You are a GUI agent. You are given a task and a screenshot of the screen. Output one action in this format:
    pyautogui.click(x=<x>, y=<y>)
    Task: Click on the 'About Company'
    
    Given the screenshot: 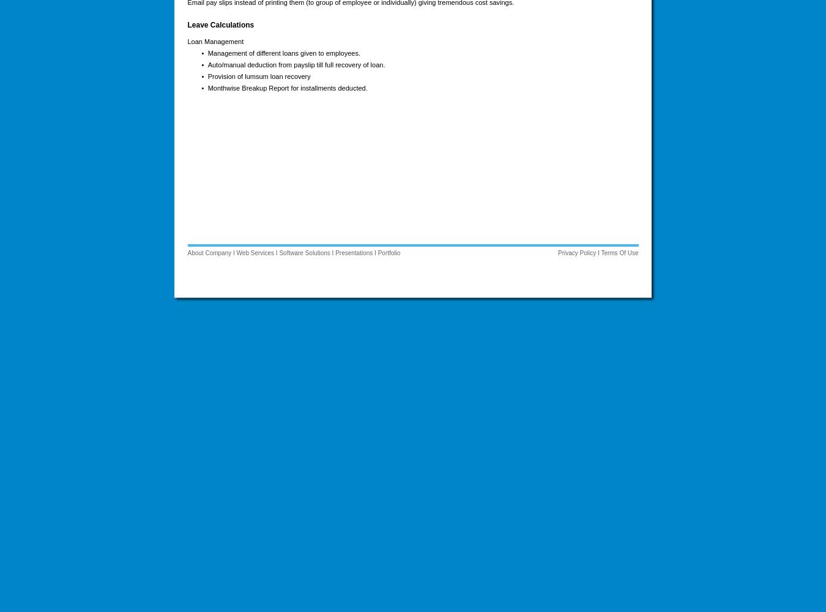 What is the action you would take?
    pyautogui.click(x=209, y=253)
    